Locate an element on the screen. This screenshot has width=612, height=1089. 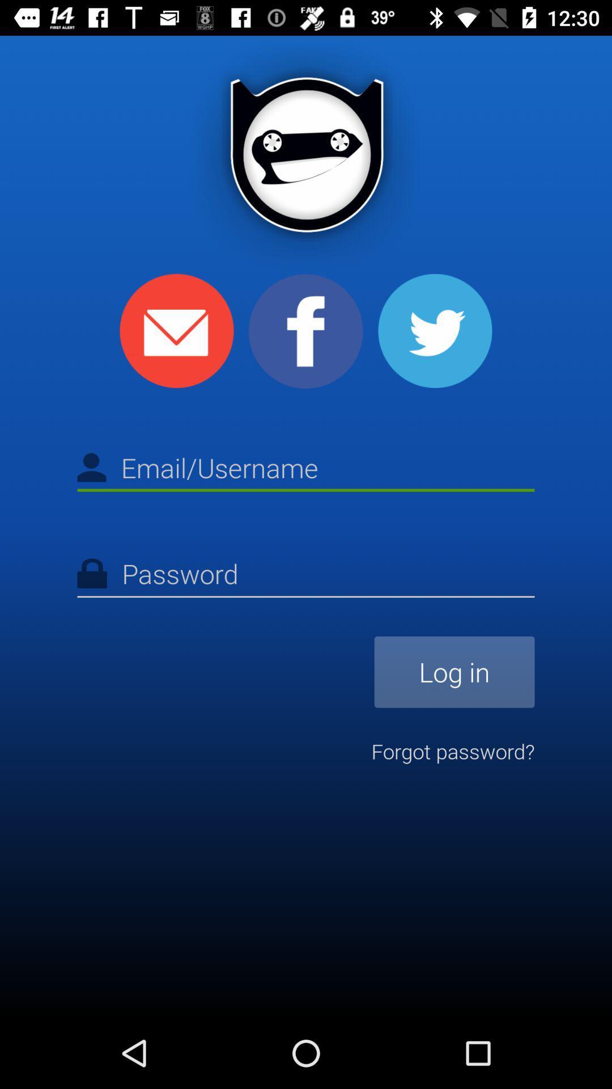
share to facebook is located at coordinates (306, 331).